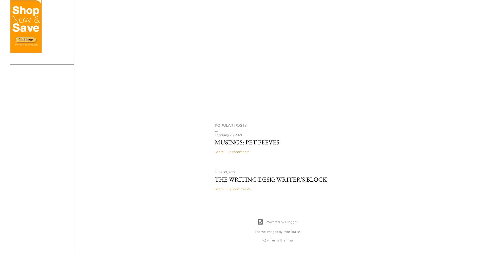 This screenshot has height=255, width=481. What do you see at coordinates (269, 231) in the screenshot?
I see `'Theme images by'` at bounding box center [269, 231].